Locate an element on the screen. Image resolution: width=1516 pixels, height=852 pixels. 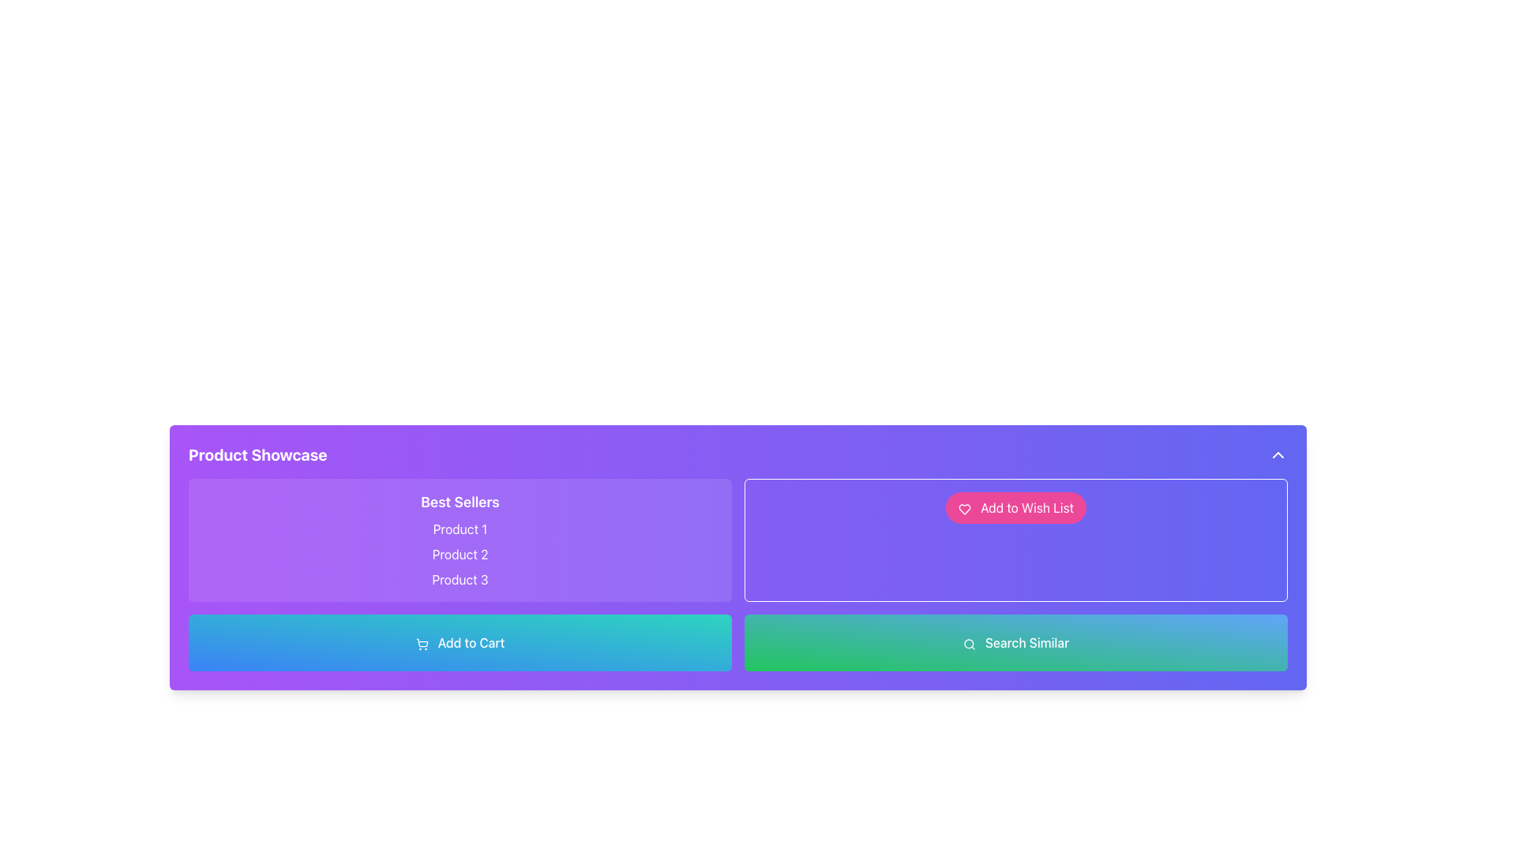
information displayed in the 'Best Sellers' informational listing, which features a bold title and a vertical listing of products is located at coordinates (459, 540).